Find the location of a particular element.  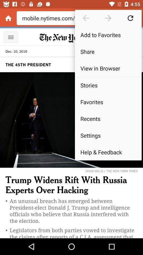

the item above add to favorites is located at coordinates (130, 18).